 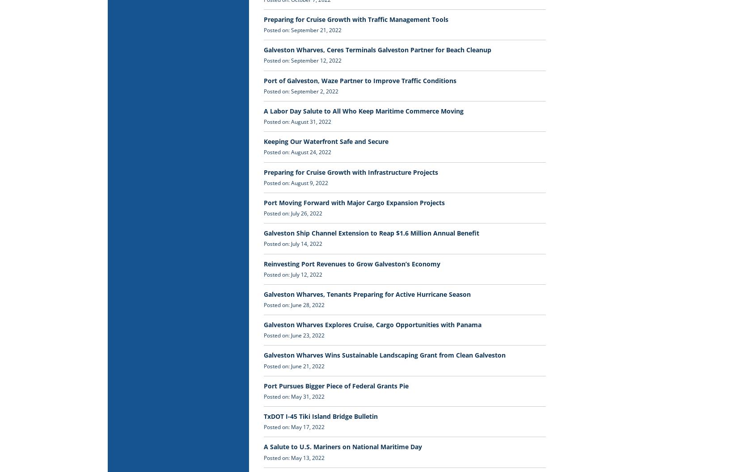 What do you see at coordinates (377, 49) in the screenshot?
I see `'Galveston Wharves, Ceres Terminals Galveston Partner for Beach Cleanup'` at bounding box center [377, 49].